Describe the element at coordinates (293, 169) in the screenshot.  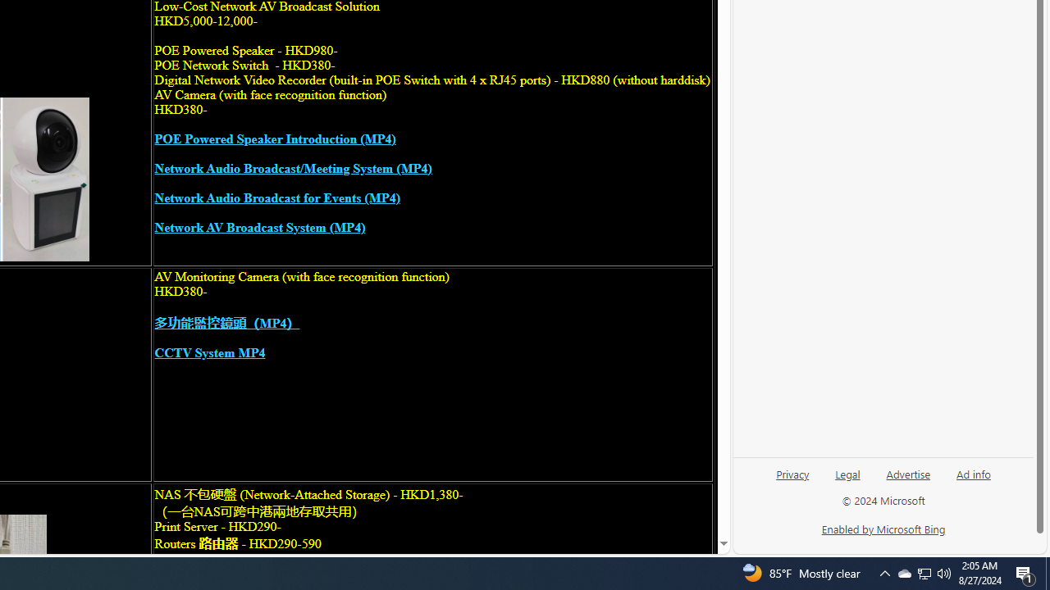
I see `'Network Audio Broadcast/Meeting System (MP4)'` at that location.